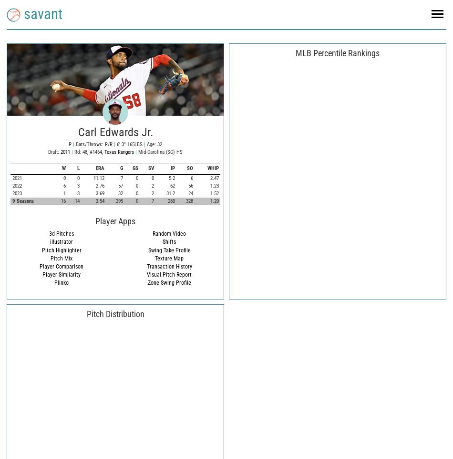 The image size is (453, 459). I want to click on 'Shifts', so click(169, 241).